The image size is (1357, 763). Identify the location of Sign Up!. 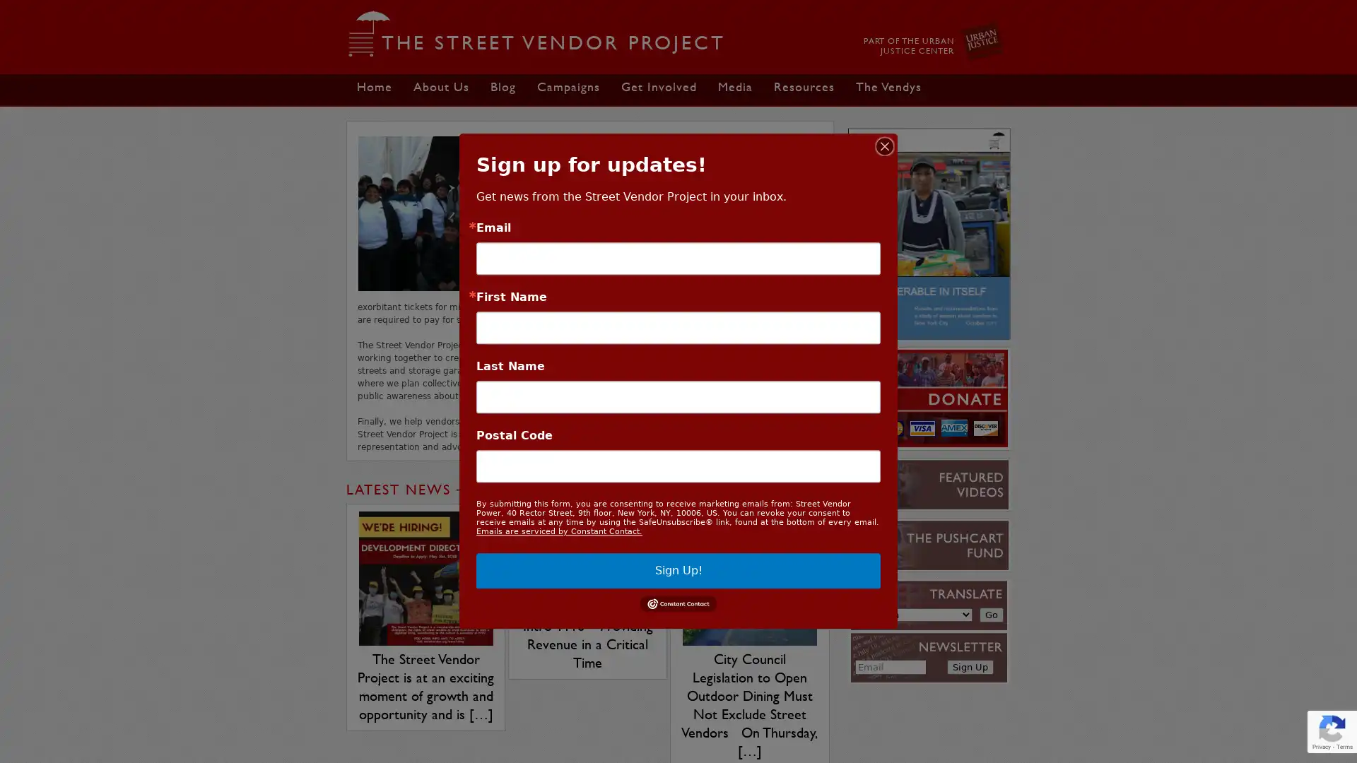
(678, 569).